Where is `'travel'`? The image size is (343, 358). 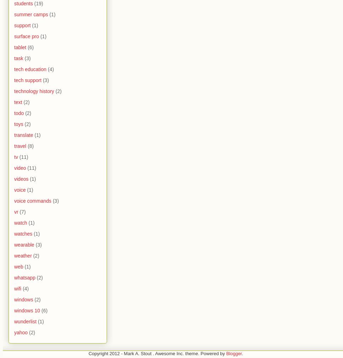
'travel' is located at coordinates (20, 146).